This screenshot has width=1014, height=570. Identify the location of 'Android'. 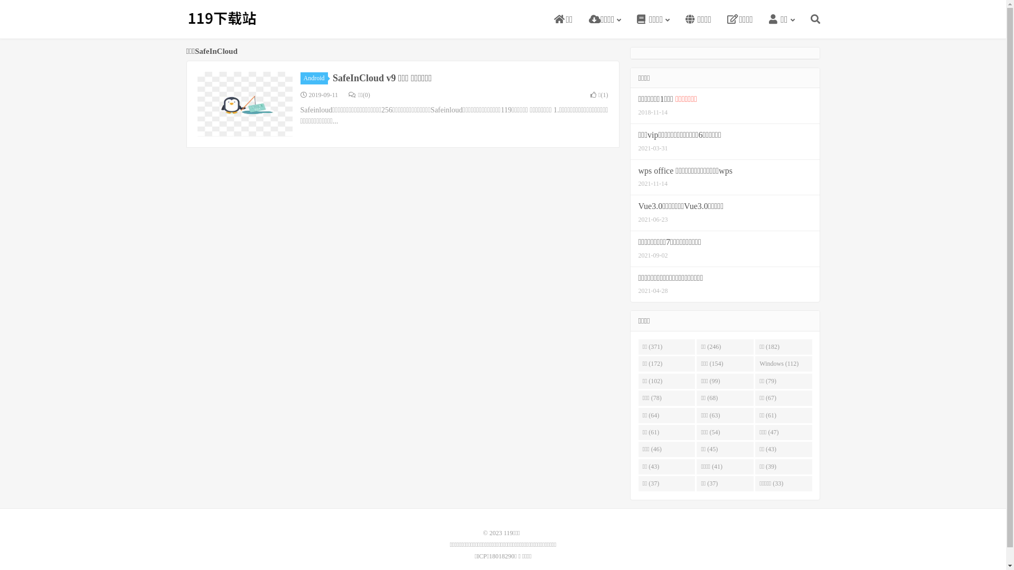
(313, 78).